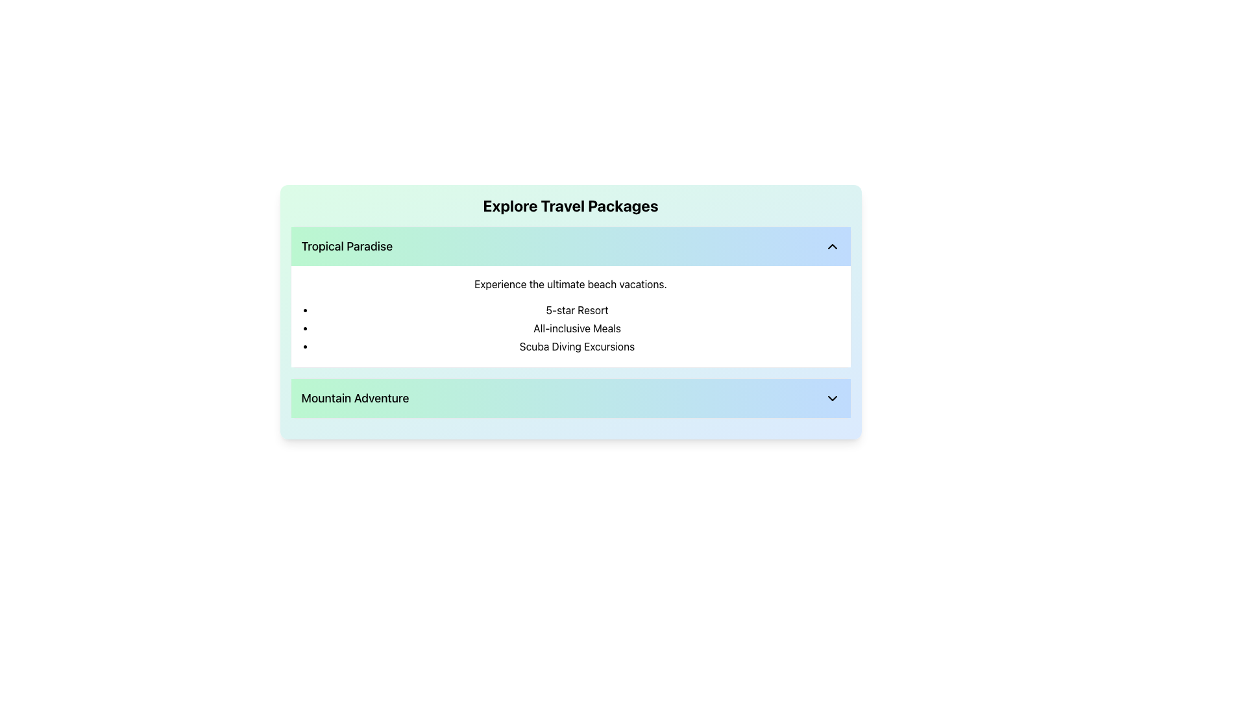 The width and height of the screenshot is (1246, 701). Describe the element at coordinates (576, 345) in the screenshot. I see `the informational static text element that provides details about the travel package, located below 'Explore Travel Packages' and above 'Mountain Adventure.'` at that location.